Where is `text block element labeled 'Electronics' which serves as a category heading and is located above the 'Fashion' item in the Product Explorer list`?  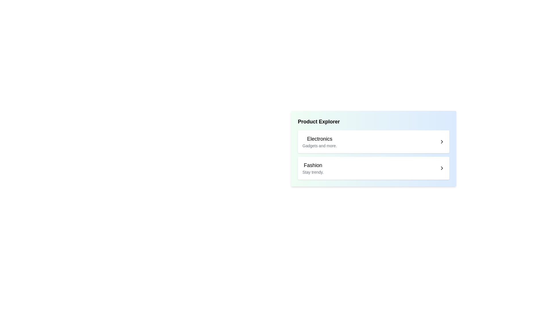 text block element labeled 'Electronics' which serves as a category heading and is located above the 'Fashion' item in the Product Explorer list is located at coordinates (319, 142).